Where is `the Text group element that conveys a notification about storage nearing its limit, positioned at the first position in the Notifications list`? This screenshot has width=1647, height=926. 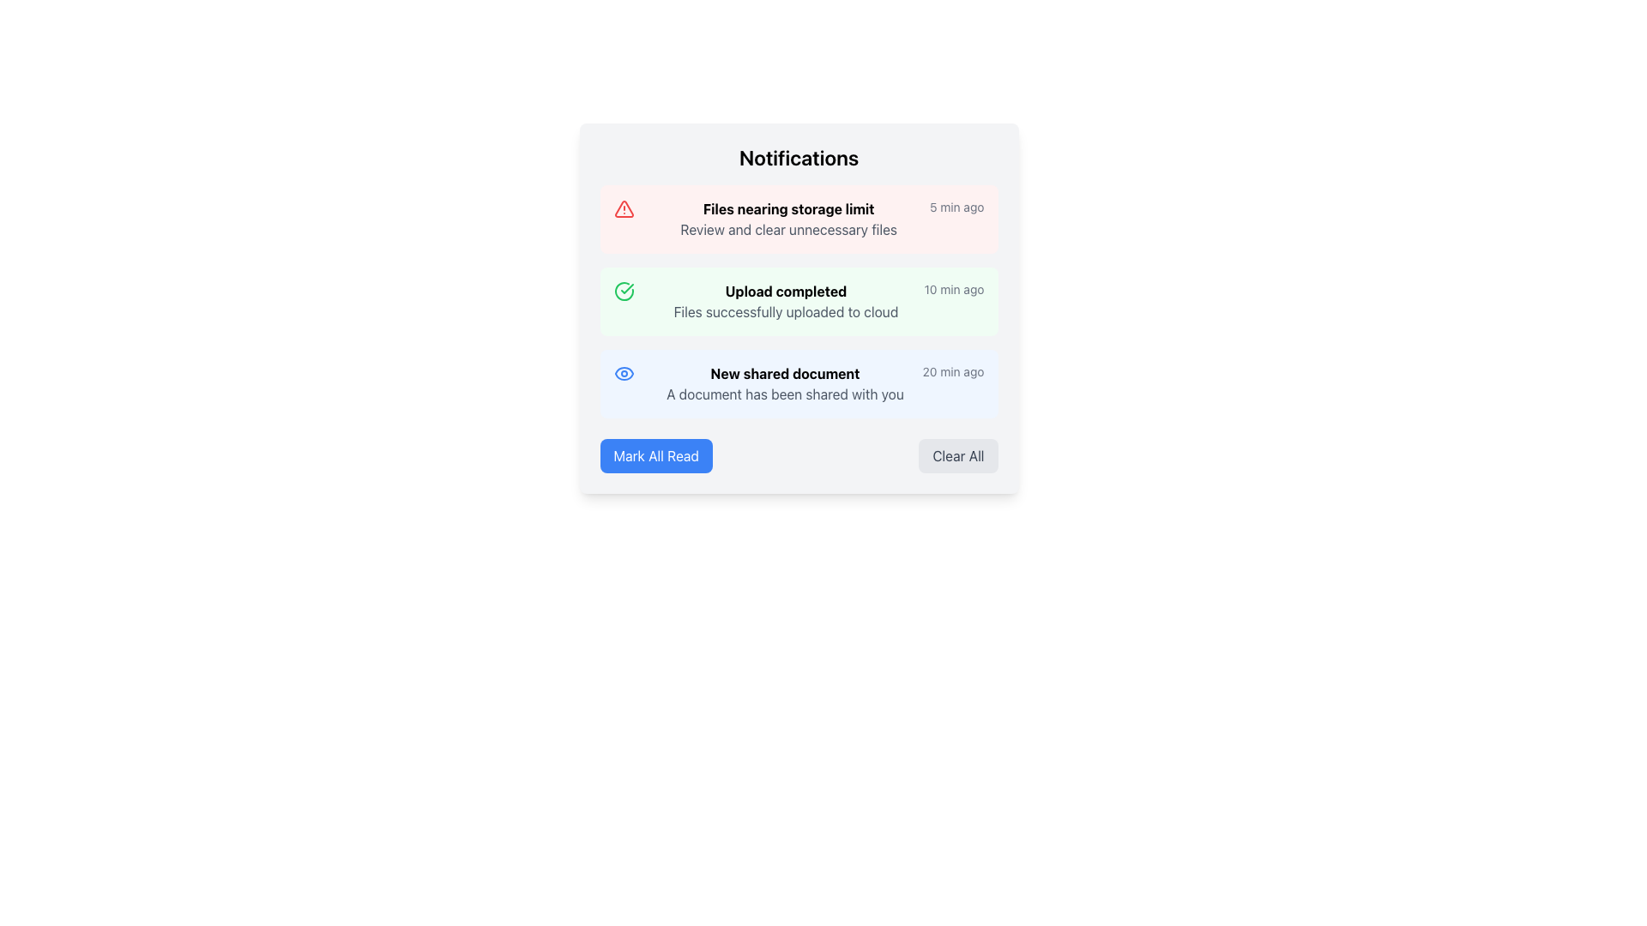 the Text group element that conveys a notification about storage nearing its limit, positioned at the first position in the Notifications list is located at coordinates (787, 218).